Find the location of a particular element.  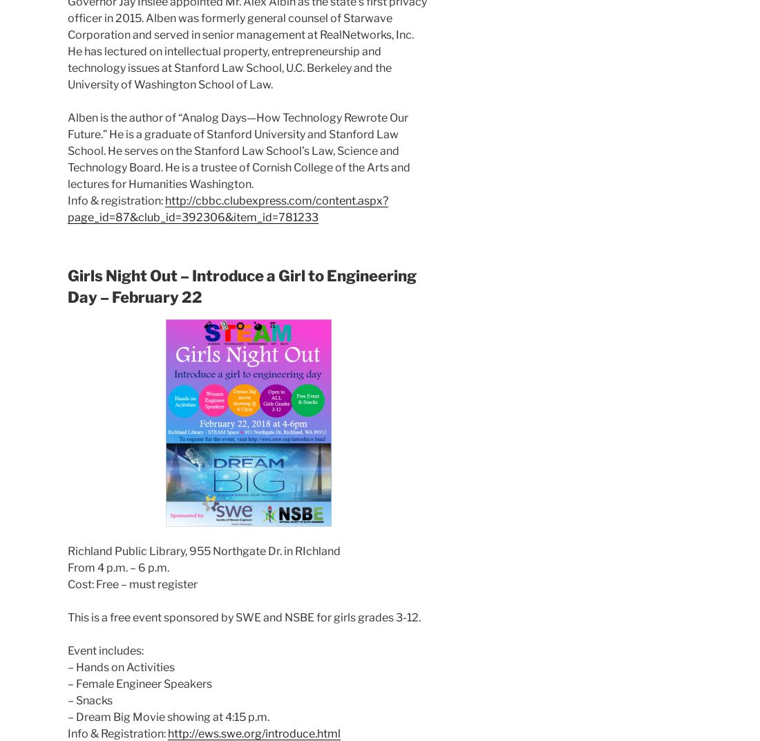

'– Snacks' is located at coordinates (90, 700).